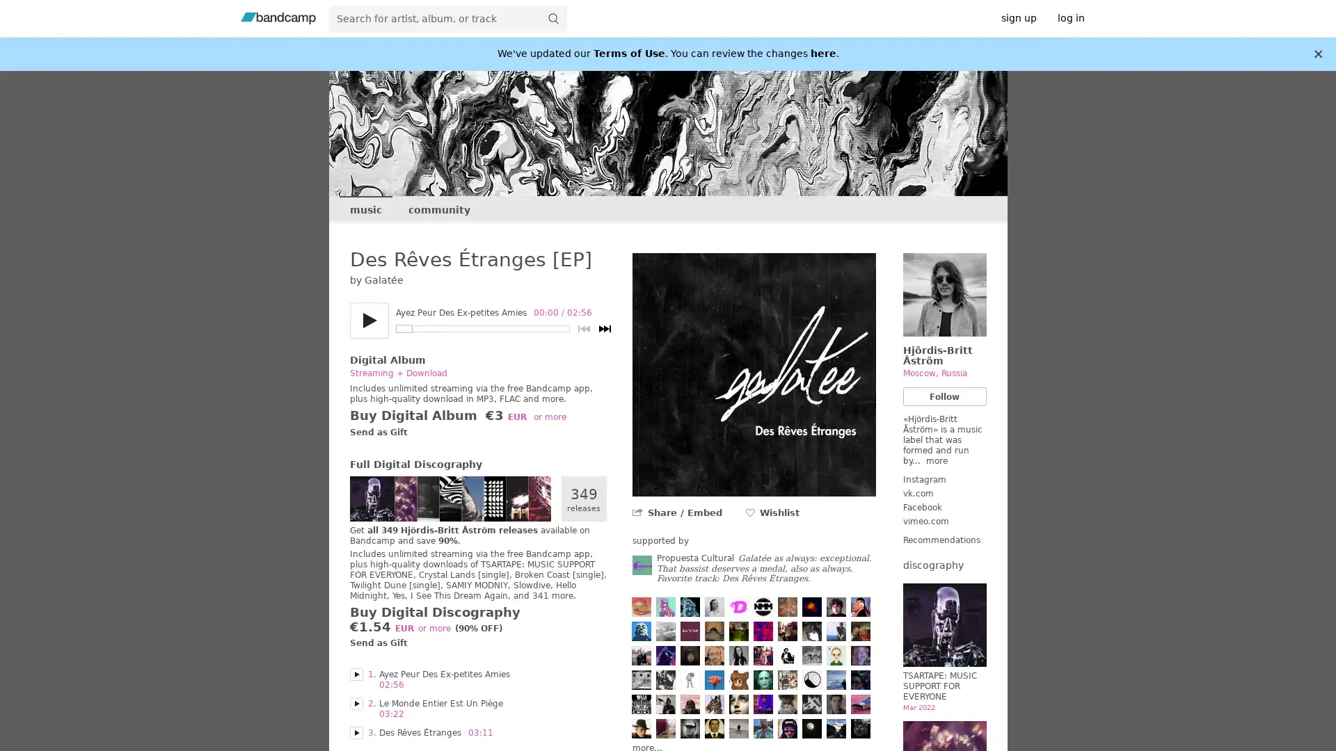 The height and width of the screenshot is (751, 1336). What do you see at coordinates (356, 702) in the screenshot?
I see `Play Le Monde Entier Est Un Piege` at bounding box center [356, 702].